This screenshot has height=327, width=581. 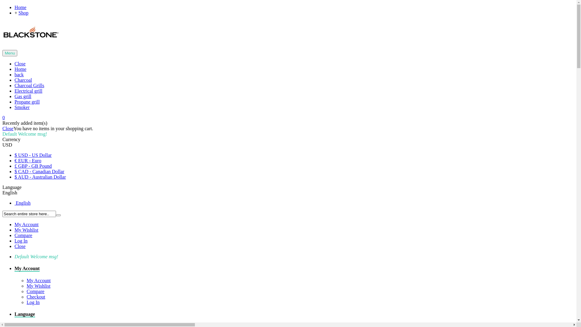 What do you see at coordinates (15, 85) in the screenshot?
I see `'Charcoal Grills'` at bounding box center [15, 85].